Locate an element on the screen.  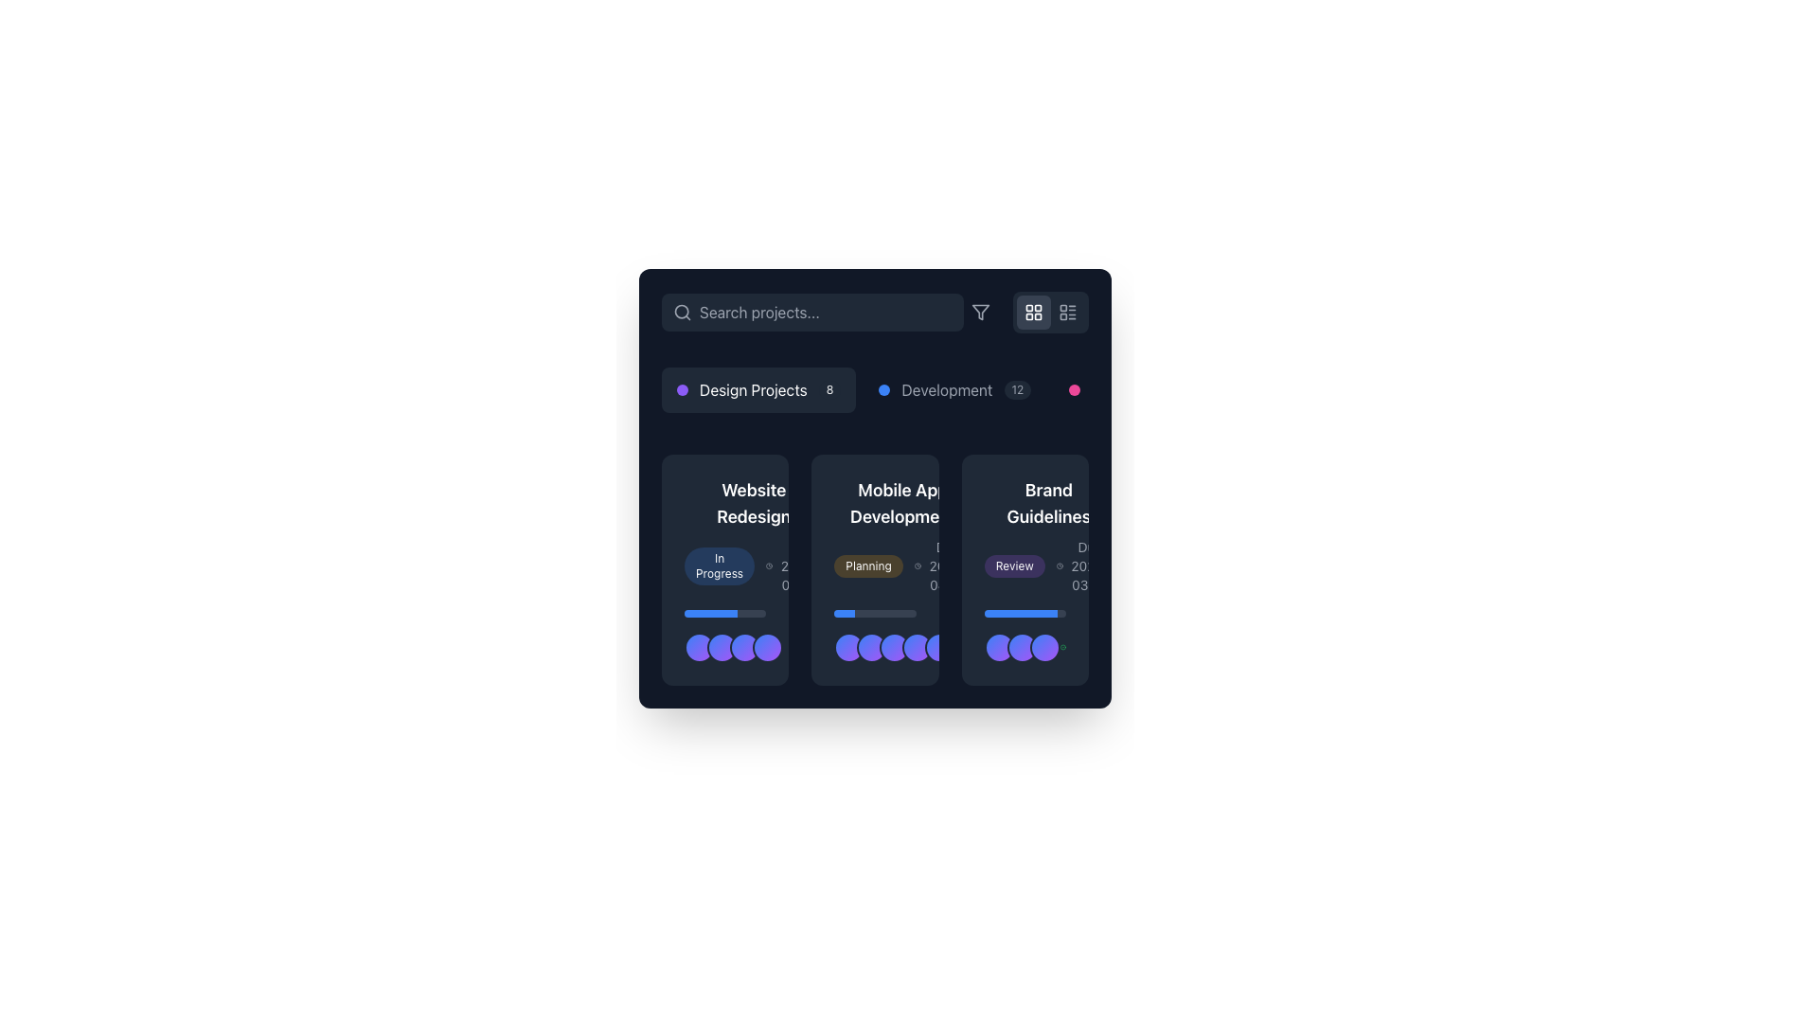
the circular badge or avatar with a blue to purple gradient background, located at the bottom of the 'Brand Guidelines' card in the rightmost column is located at coordinates (998, 646).